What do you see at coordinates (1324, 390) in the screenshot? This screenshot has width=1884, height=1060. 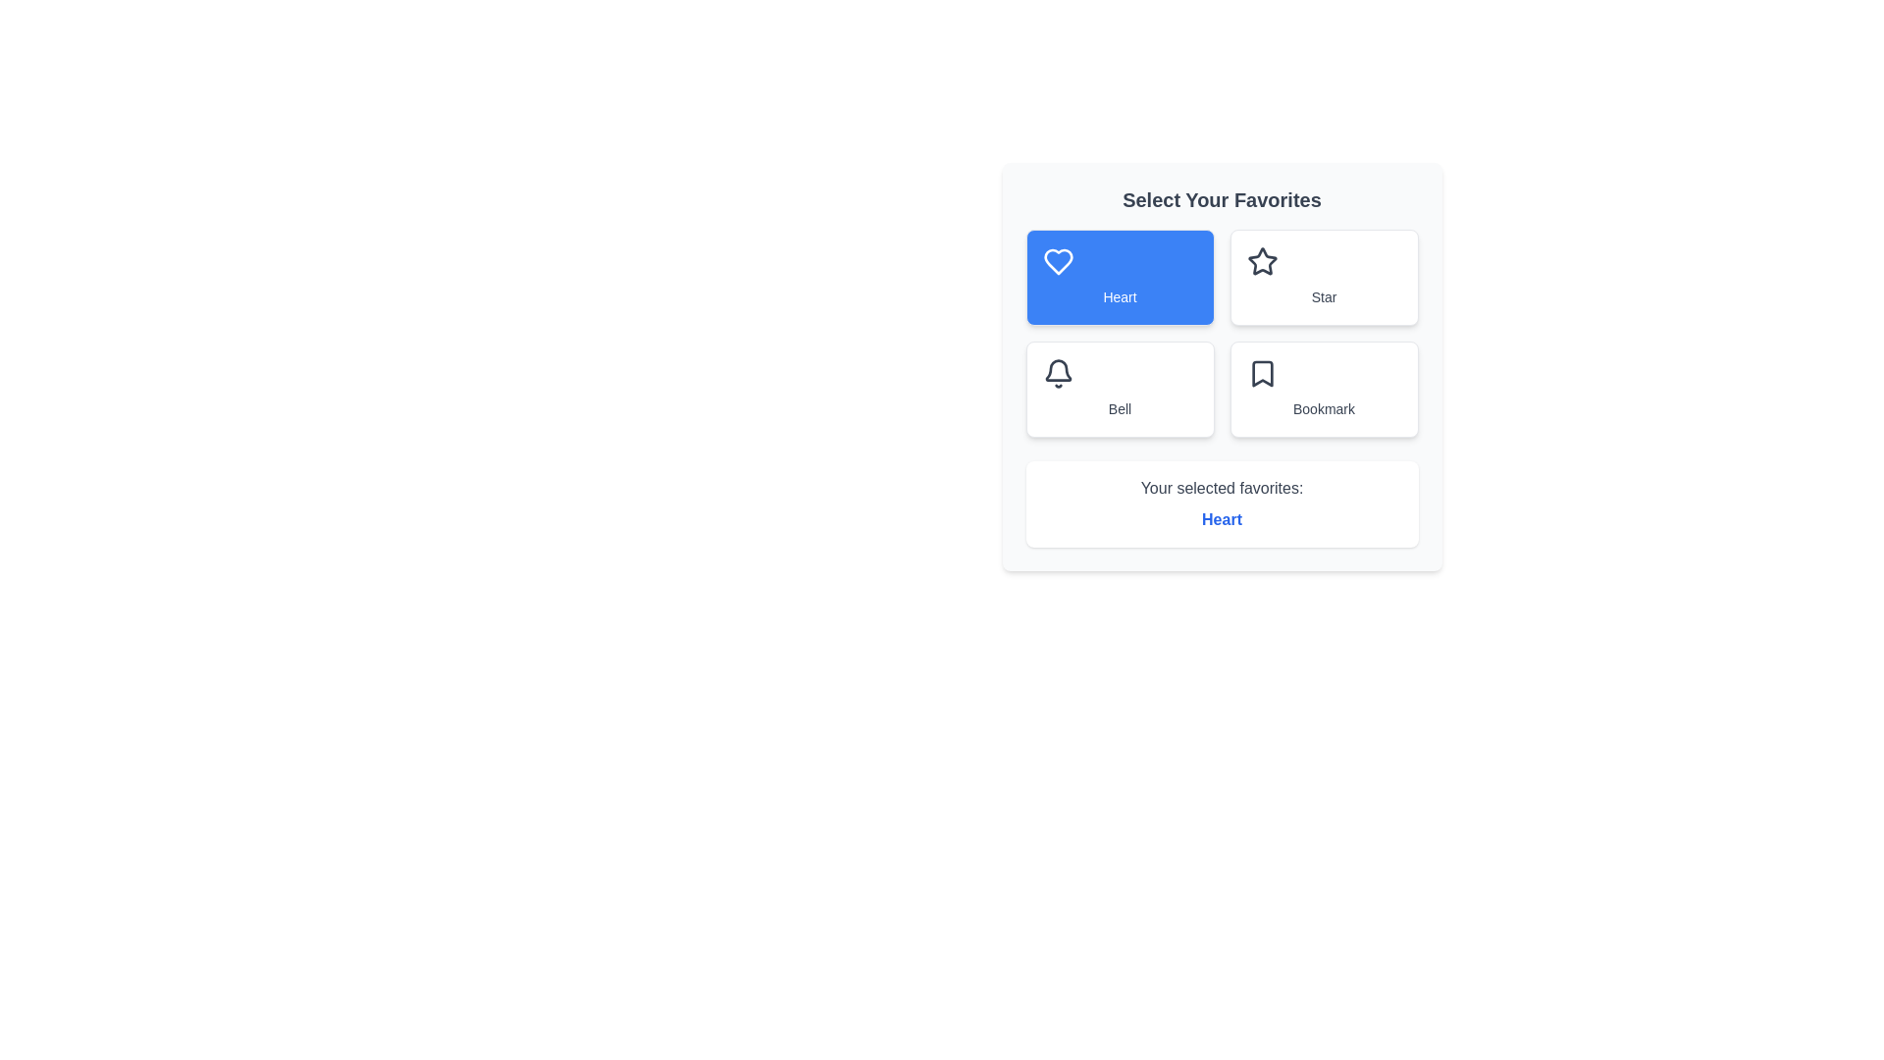 I see `the favorite icon Bookmark` at bounding box center [1324, 390].